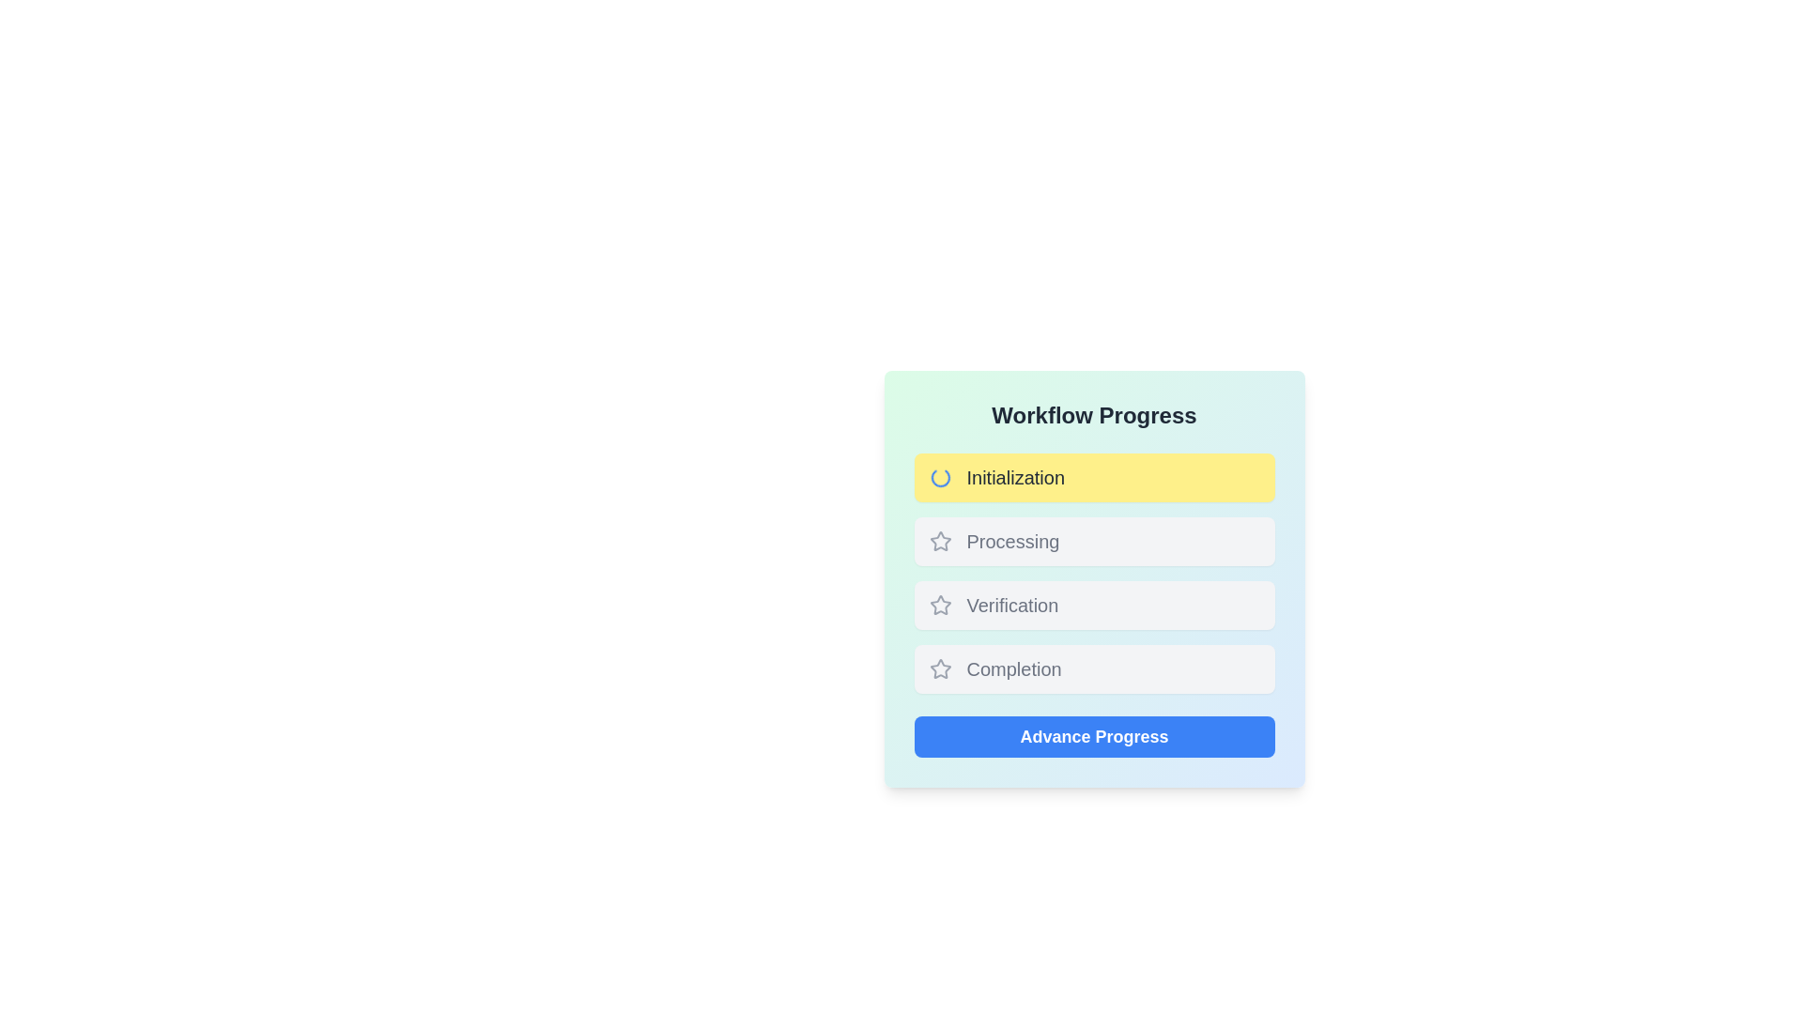 The width and height of the screenshot is (1803, 1014). What do you see at coordinates (940, 605) in the screenshot?
I see `the star-shaped icon with a light gray outline labeled 'Verification' located in the second position of the vertical list within the 'Workflow Progress' panel` at bounding box center [940, 605].